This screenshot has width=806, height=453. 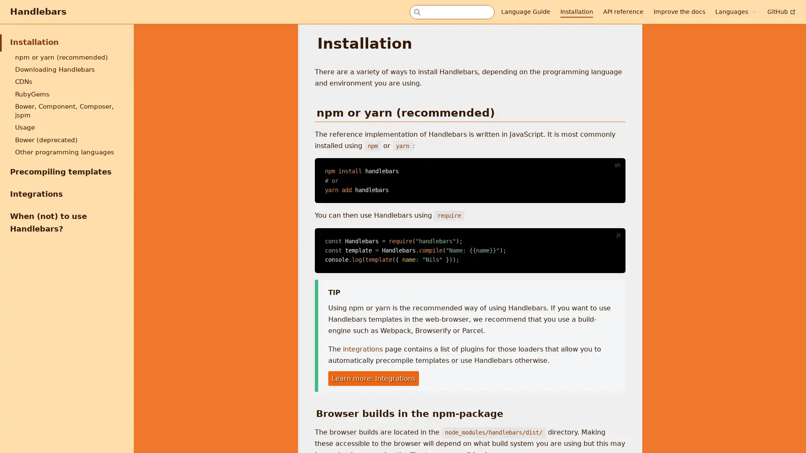 What do you see at coordinates (735, 11) in the screenshot?
I see `Languages` at bounding box center [735, 11].